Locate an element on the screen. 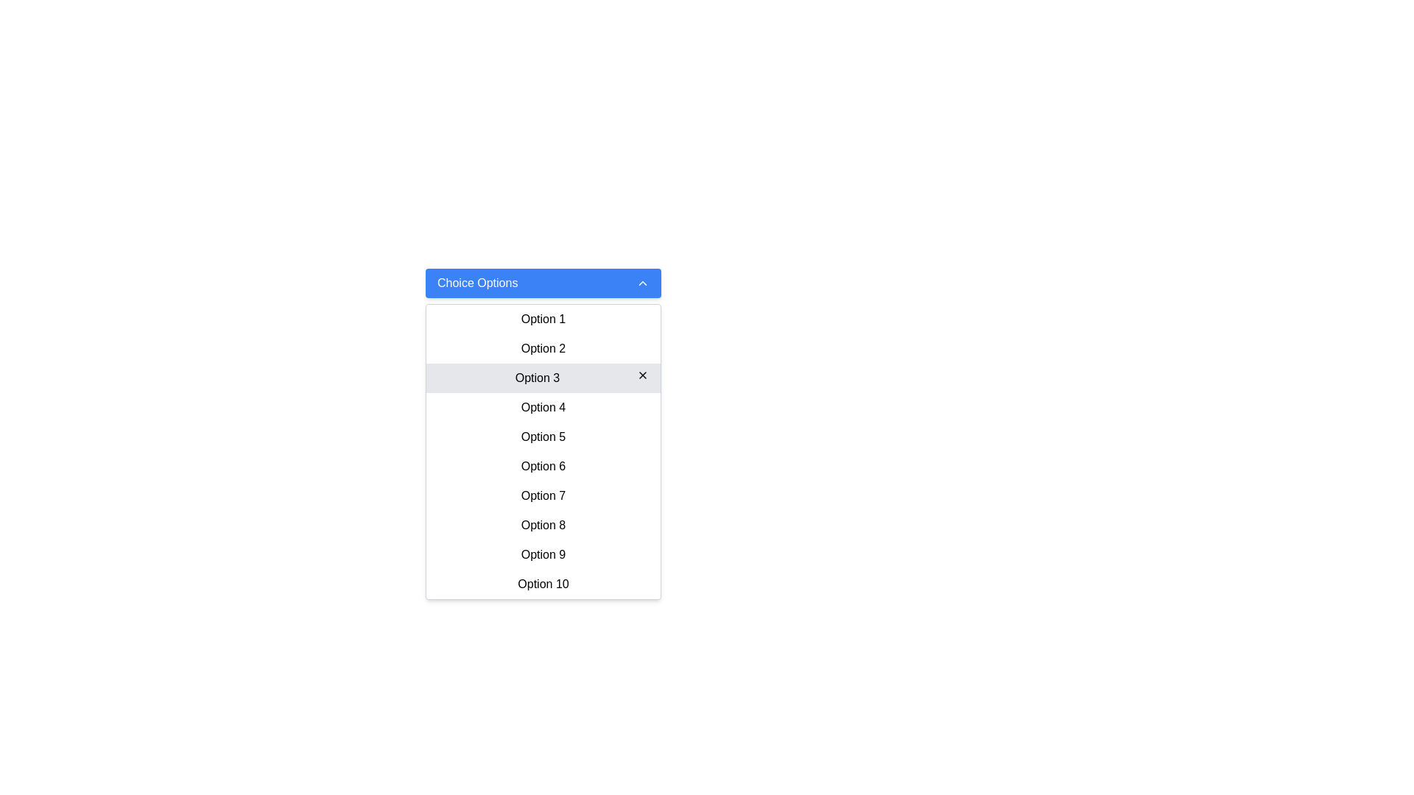  the menu item labeled 'Option 6' in the 'Choice Options' dropdown is located at coordinates (543, 466).